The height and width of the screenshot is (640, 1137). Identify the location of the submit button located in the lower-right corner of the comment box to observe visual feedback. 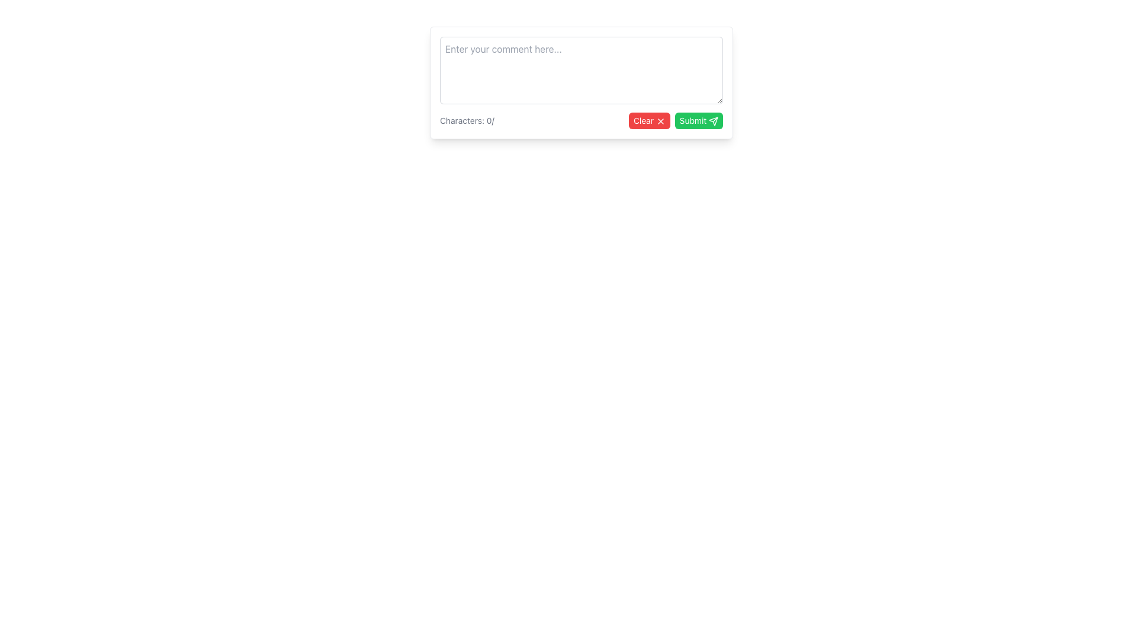
(678, 137).